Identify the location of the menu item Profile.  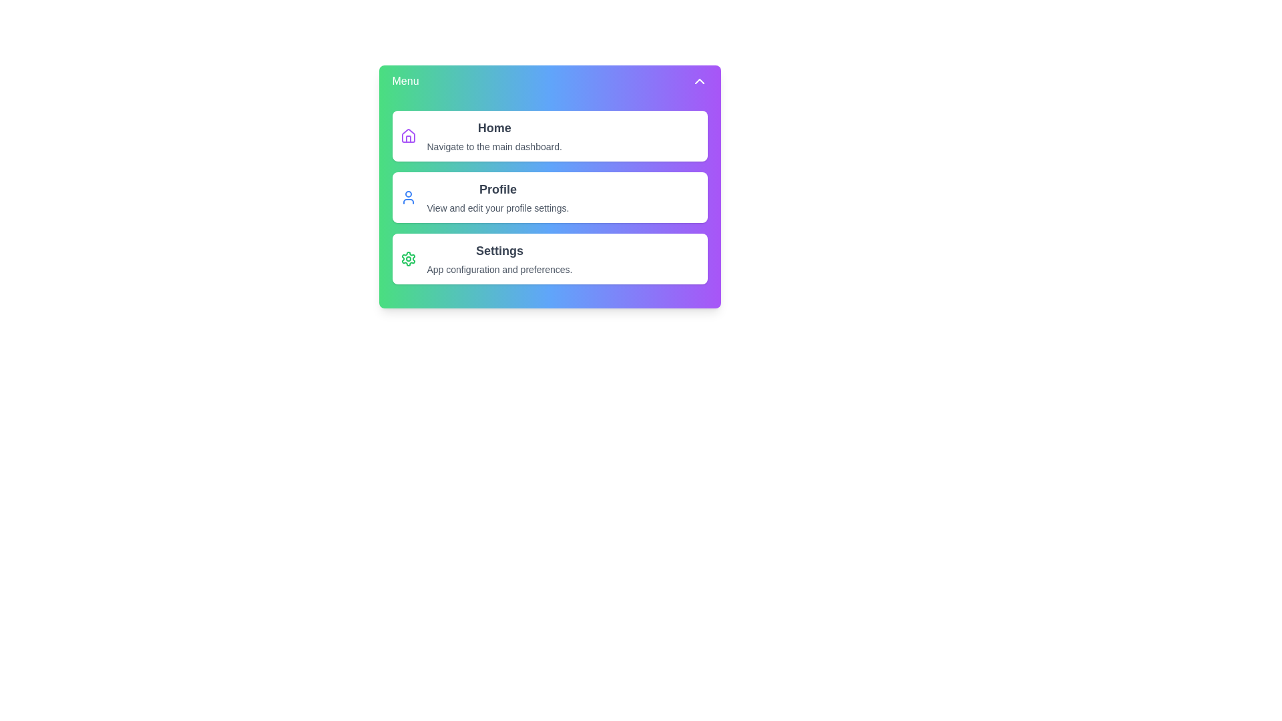
(550, 198).